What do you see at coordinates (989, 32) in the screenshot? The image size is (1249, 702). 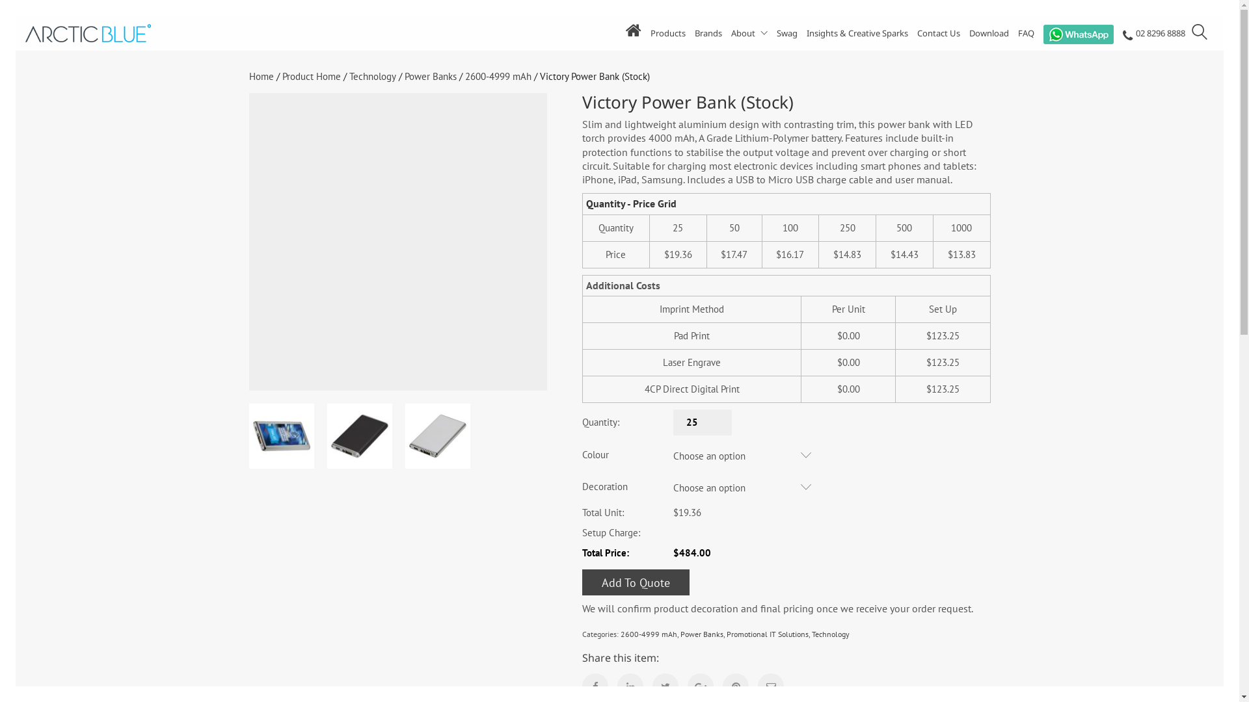 I see `'Download'` at bounding box center [989, 32].